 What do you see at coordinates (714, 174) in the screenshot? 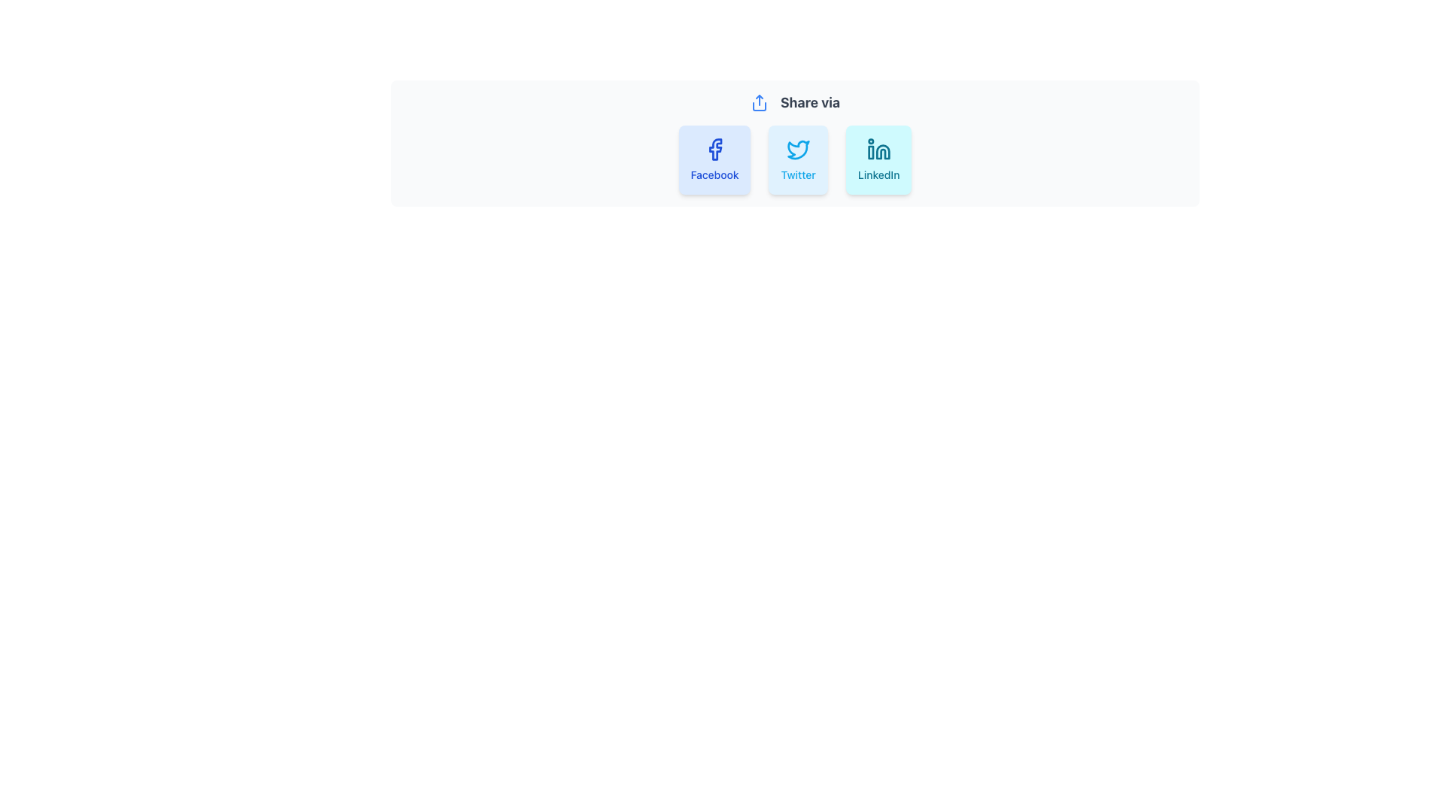
I see `text label displaying 'Facebook' which is styled in blue color and positioned beneath the Facebook logo in the share option section` at bounding box center [714, 174].